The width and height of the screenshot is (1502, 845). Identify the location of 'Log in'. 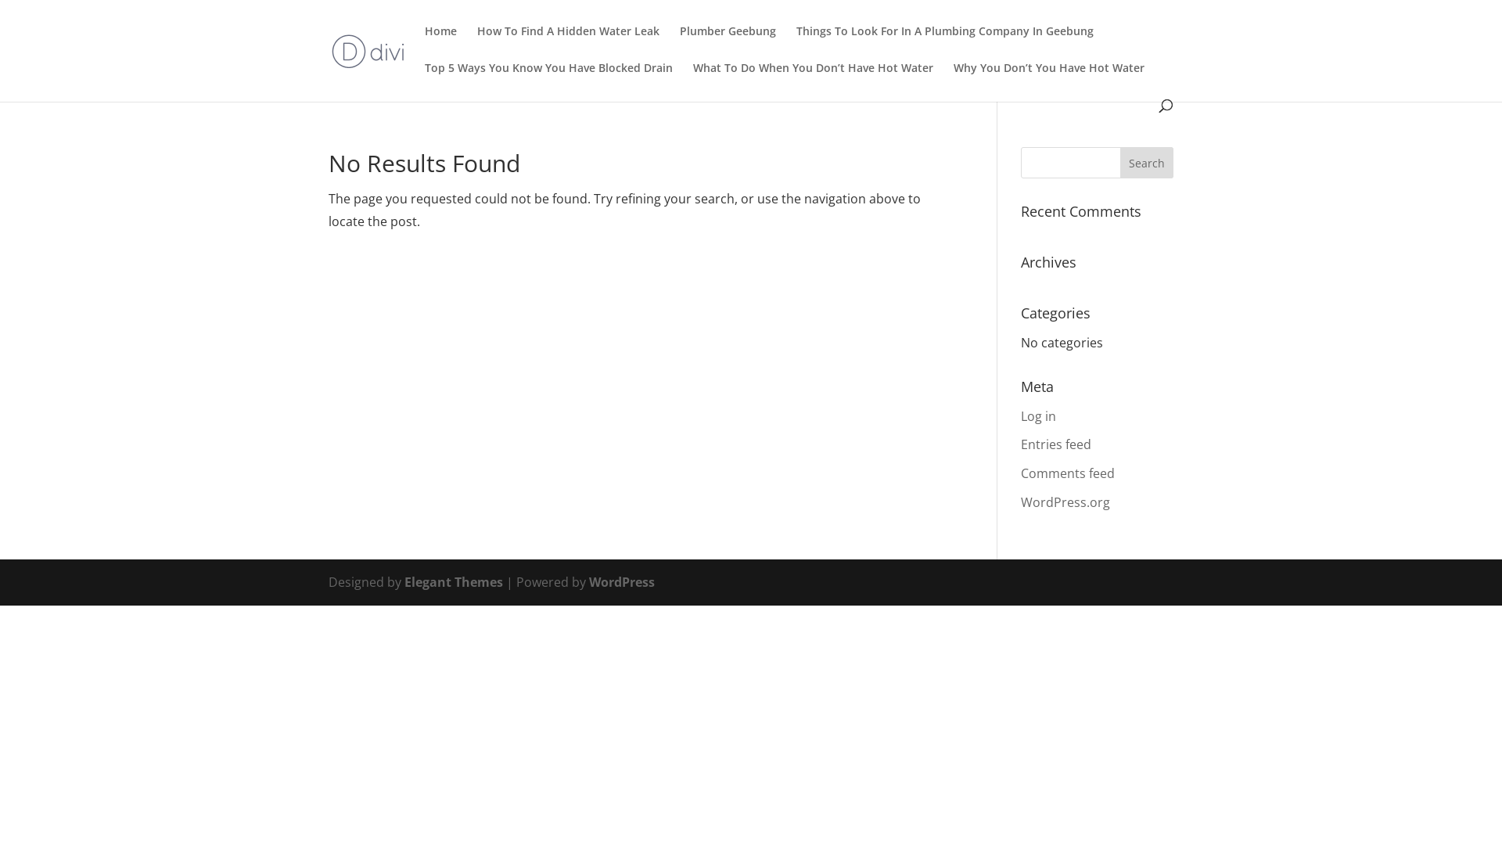
(1021, 415).